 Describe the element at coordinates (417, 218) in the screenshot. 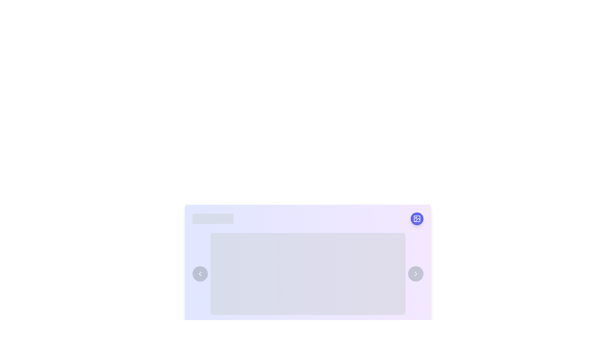

I see `the small square with rounded corners in the top left part of the SVG icon located on the top right corner of the card-like layout` at that location.